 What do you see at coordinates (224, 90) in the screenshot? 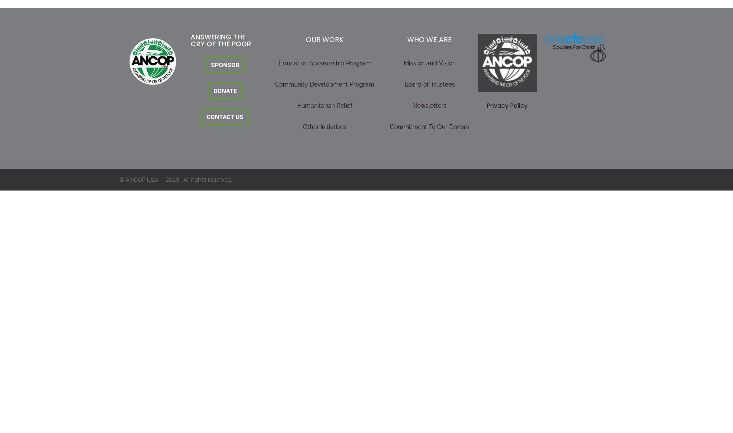
I see `'DONATE'` at bounding box center [224, 90].